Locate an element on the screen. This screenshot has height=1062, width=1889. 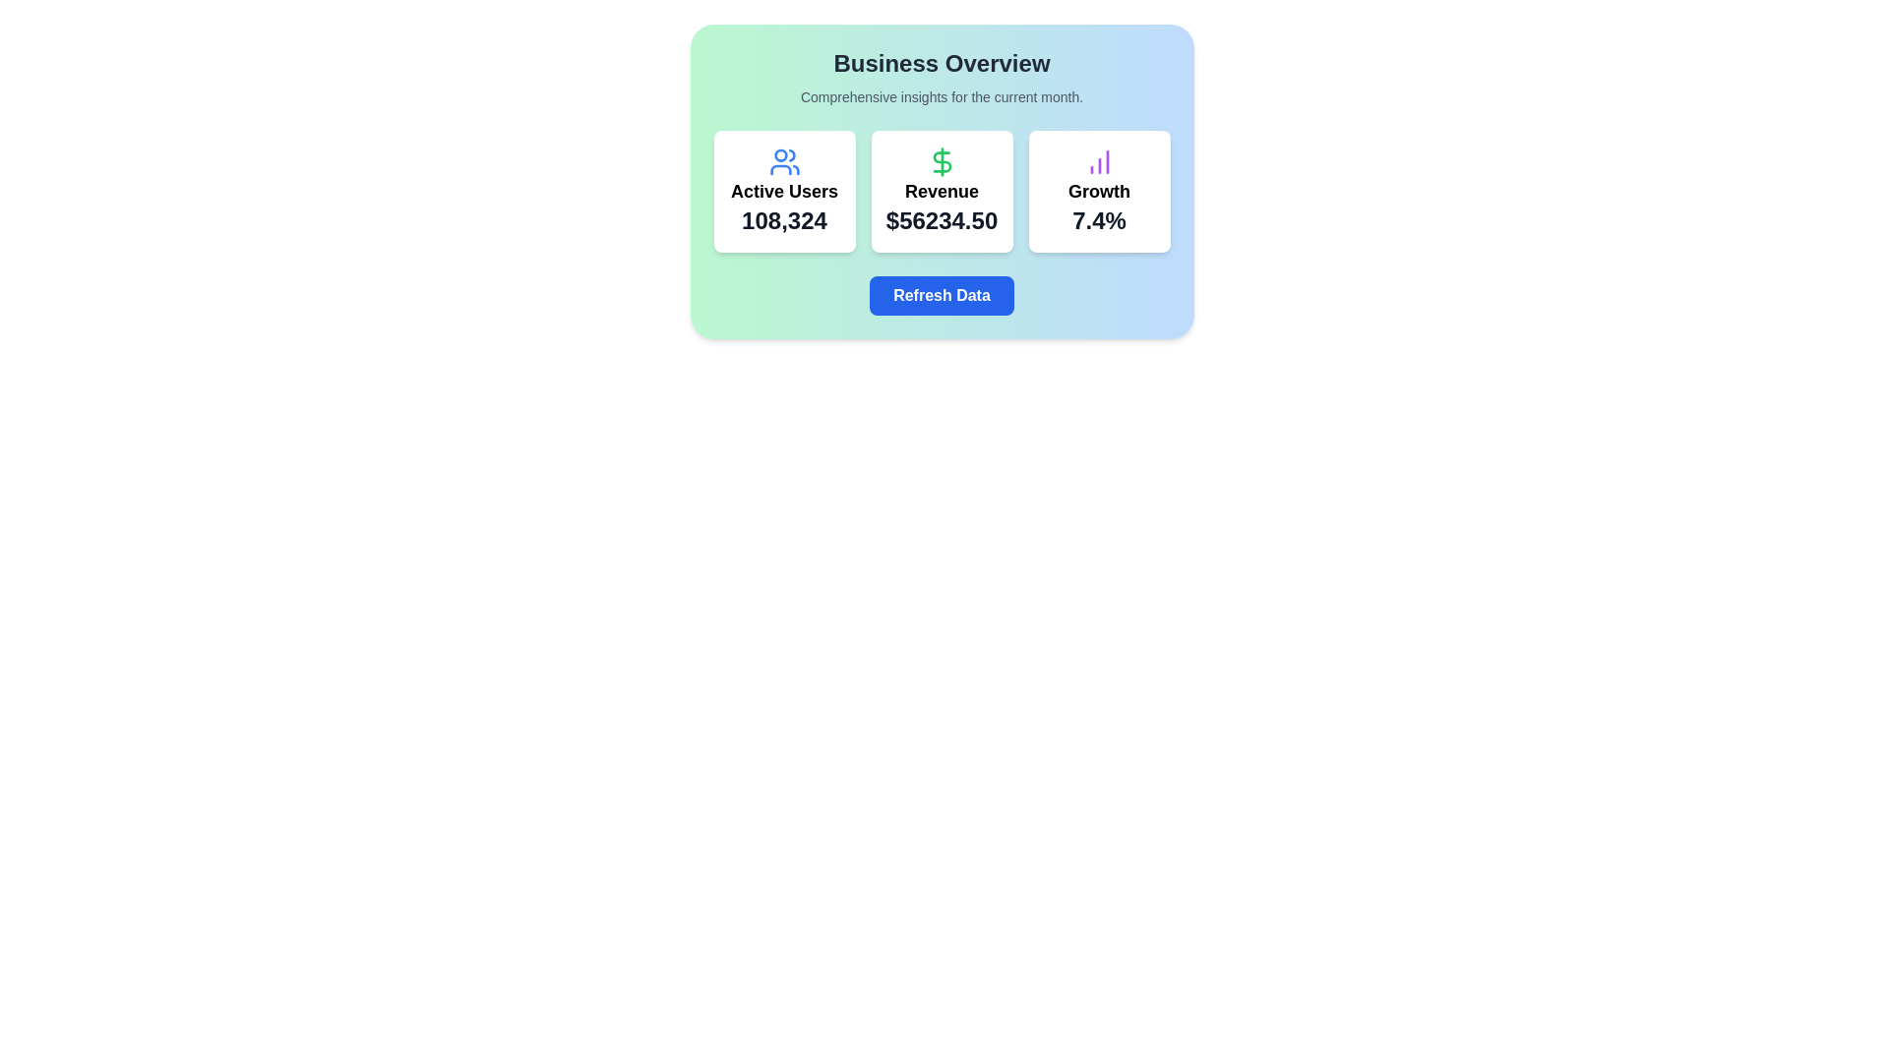
the refresh button located at the bottom center of the 'Business Overview' panel is located at coordinates (941, 295).